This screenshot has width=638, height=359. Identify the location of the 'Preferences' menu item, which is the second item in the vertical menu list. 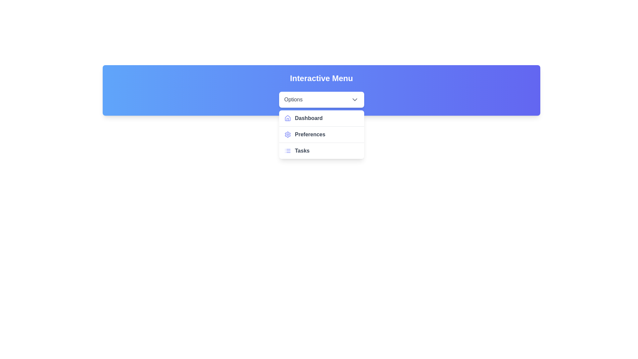
(321, 134).